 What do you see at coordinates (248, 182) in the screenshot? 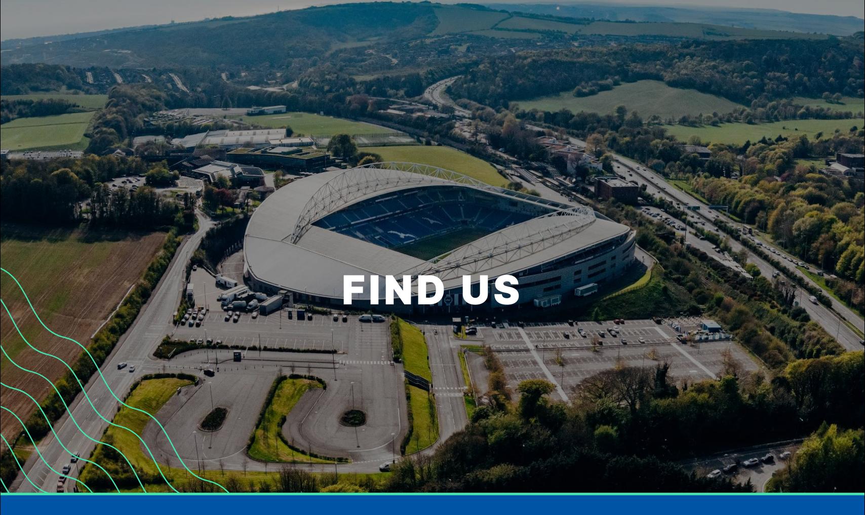
I see `'Christmas Parties'` at bounding box center [248, 182].